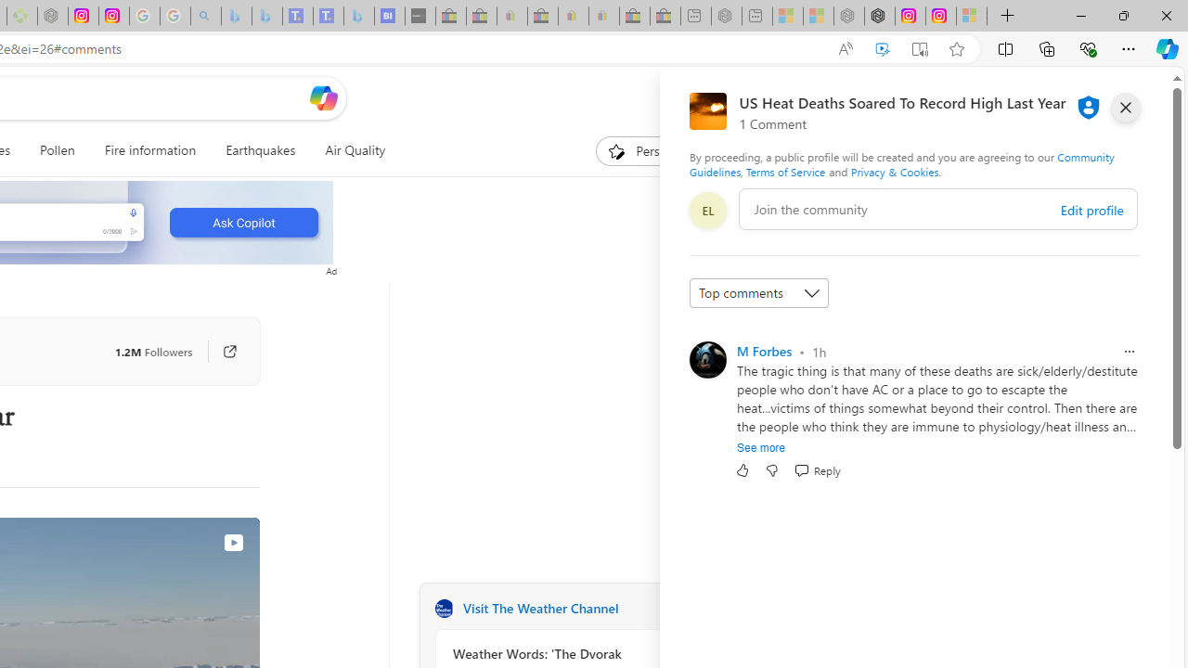 The height and width of the screenshot is (668, 1188). Describe the element at coordinates (143, 16) in the screenshot. I see `'Safety in Our Products - Google Safety Center - Sleeping'` at that location.